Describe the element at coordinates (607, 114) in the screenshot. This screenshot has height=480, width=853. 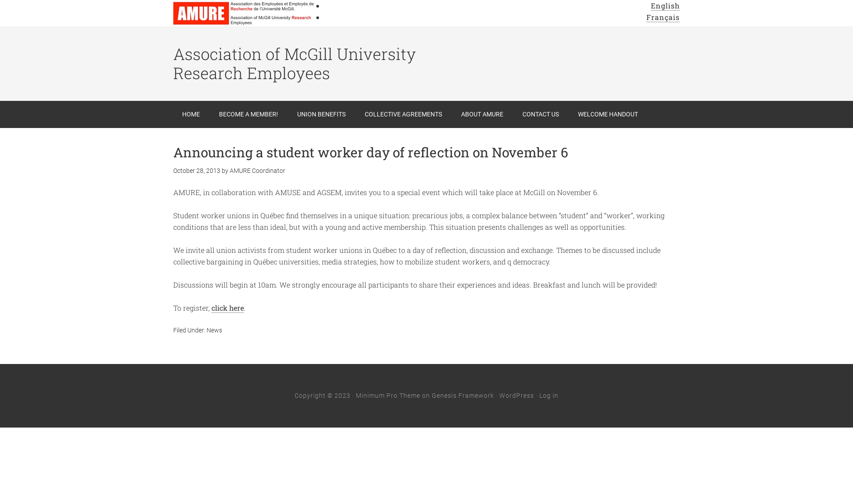
I see `'WELCOME HANDOUT'` at that location.